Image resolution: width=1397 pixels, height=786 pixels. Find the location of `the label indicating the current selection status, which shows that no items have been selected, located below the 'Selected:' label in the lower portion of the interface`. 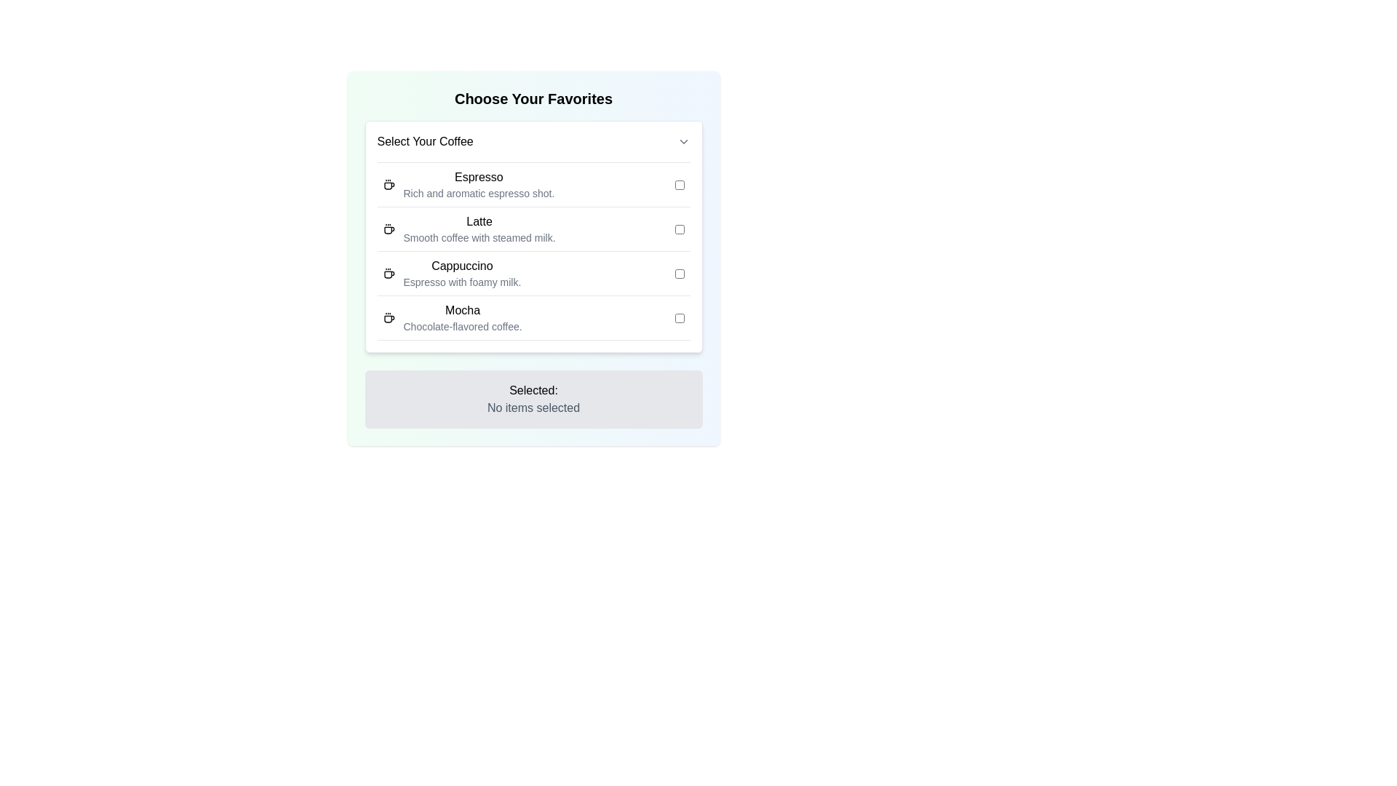

the label indicating the current selection status, which shows that no items have been selected, located below the 'Selected:' label in the lower portion of the interface is located at coordinates (533, 408).